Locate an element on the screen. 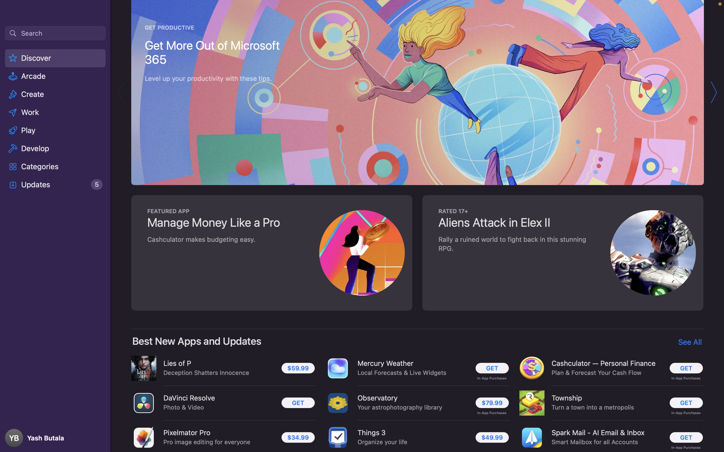 The image size is (724, 452). the "Play" page is located at coordinates (55, 129).